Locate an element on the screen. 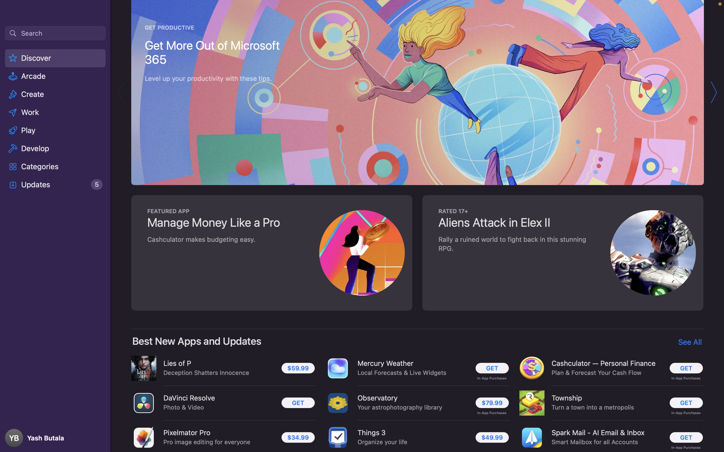 The image size is (724, 452). the "Play" page is located at coordinates (55, 129).